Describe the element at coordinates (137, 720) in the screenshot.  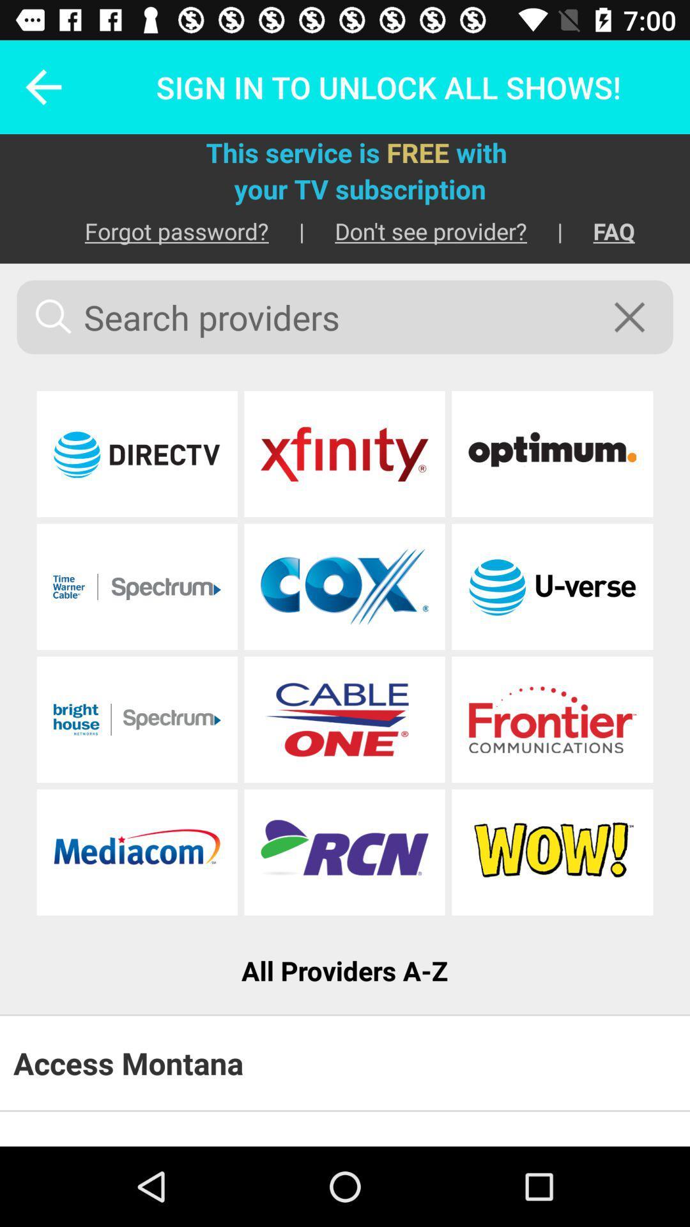
I see `bright house spectrum` at that location.